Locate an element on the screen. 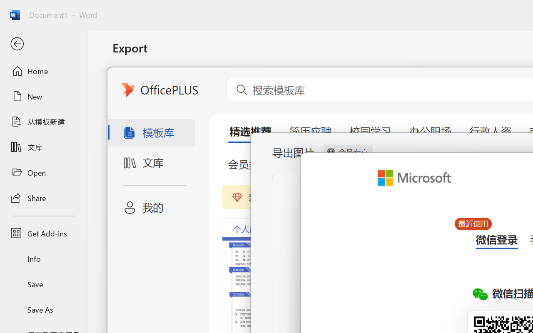 This screenshot has height=333, width=533. 'Back' is located at coordinates (43, 44).